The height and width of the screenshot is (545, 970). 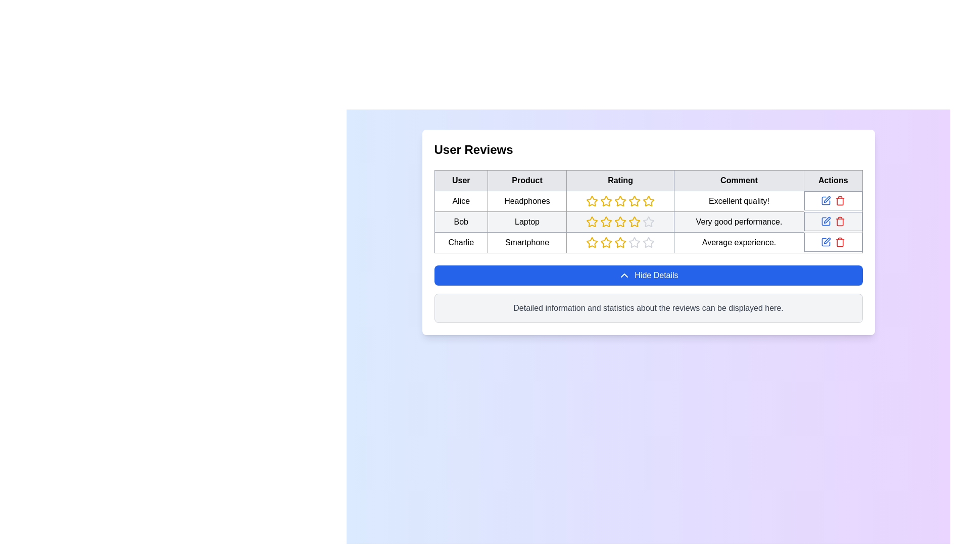 I want to click on the first column header cell of the user-related data table located at the top-left corner by moving the cursor to it, so click(x=460, y=180).